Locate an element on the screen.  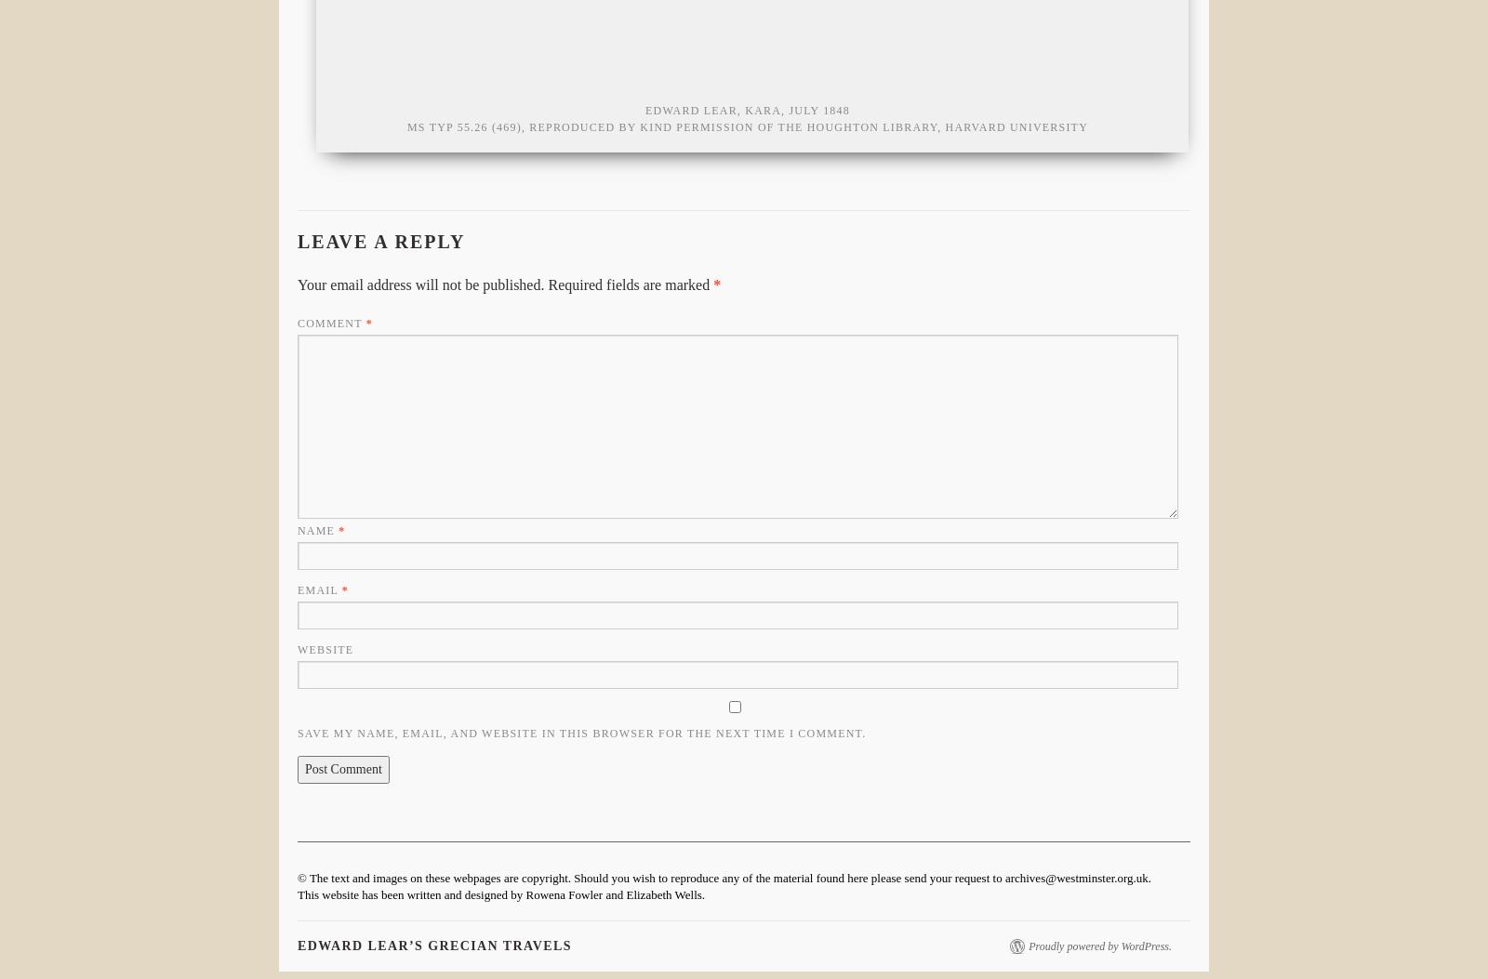
'Edward Lear, Kara, July 1848' is located at coordinates (746, 110).